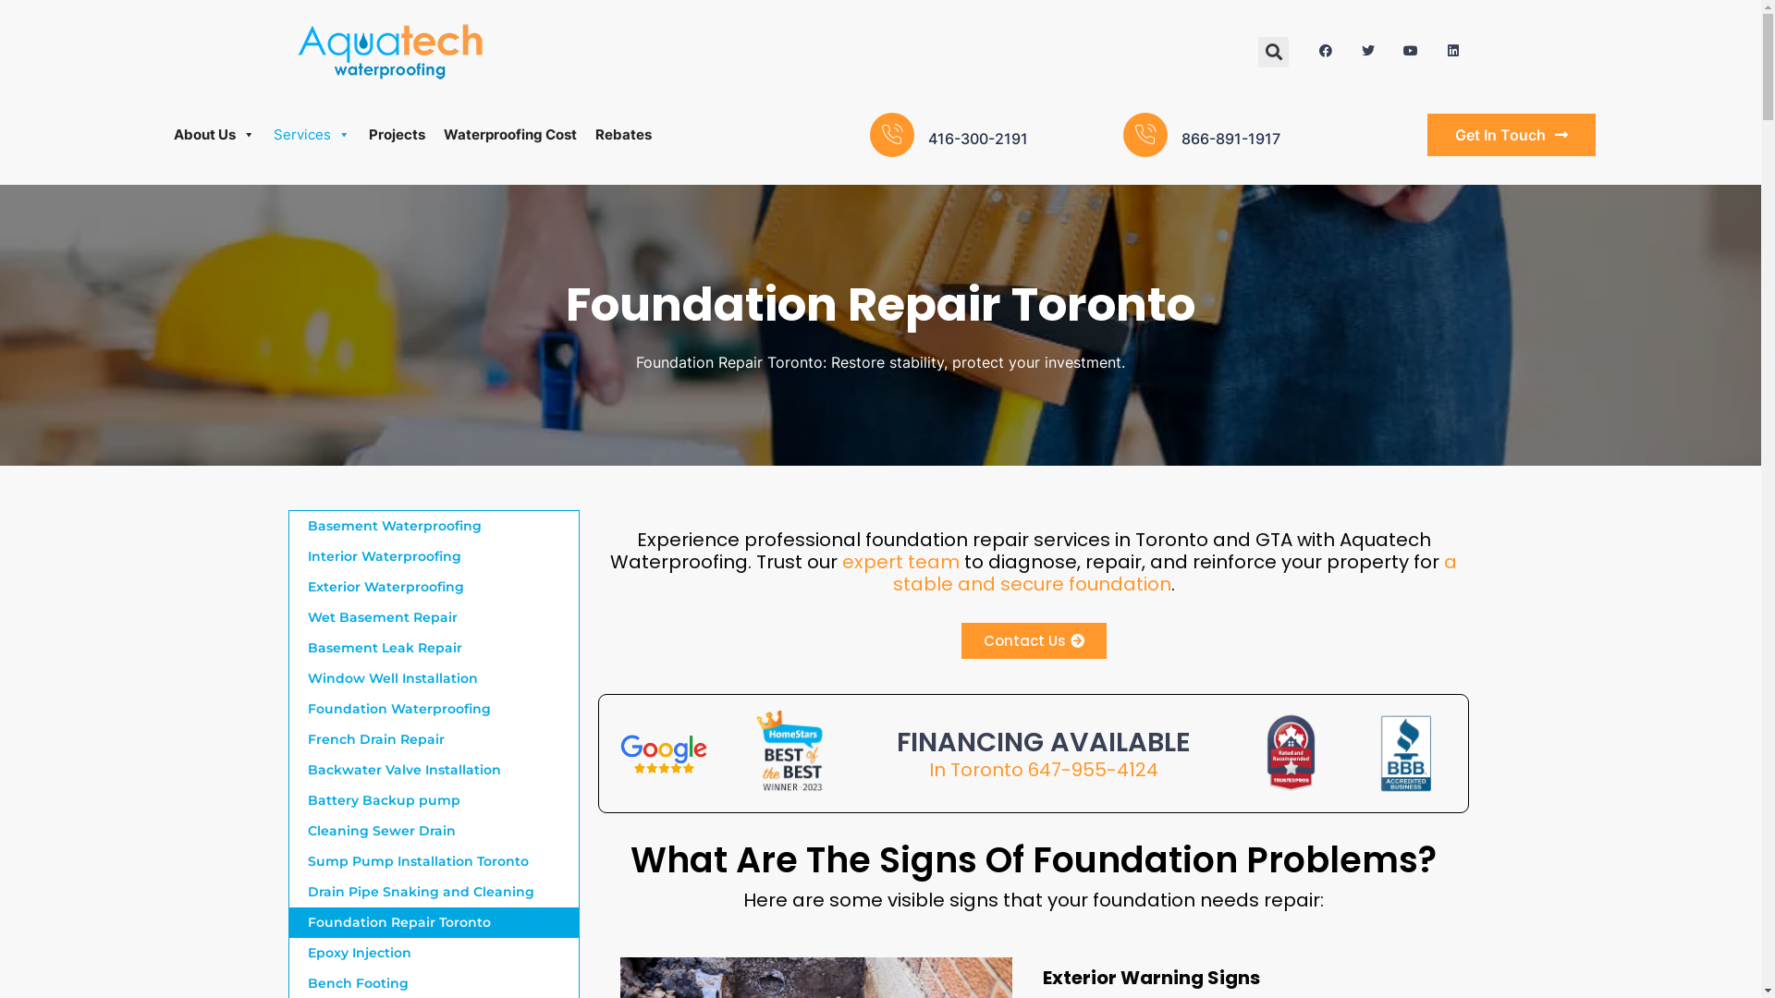 The height and width of the screenshot is (998, 1775). What do you see at coordinates (433, 678) in the screenshot?
I see `'Window Well Installation'` at bounding box center [433, 678].